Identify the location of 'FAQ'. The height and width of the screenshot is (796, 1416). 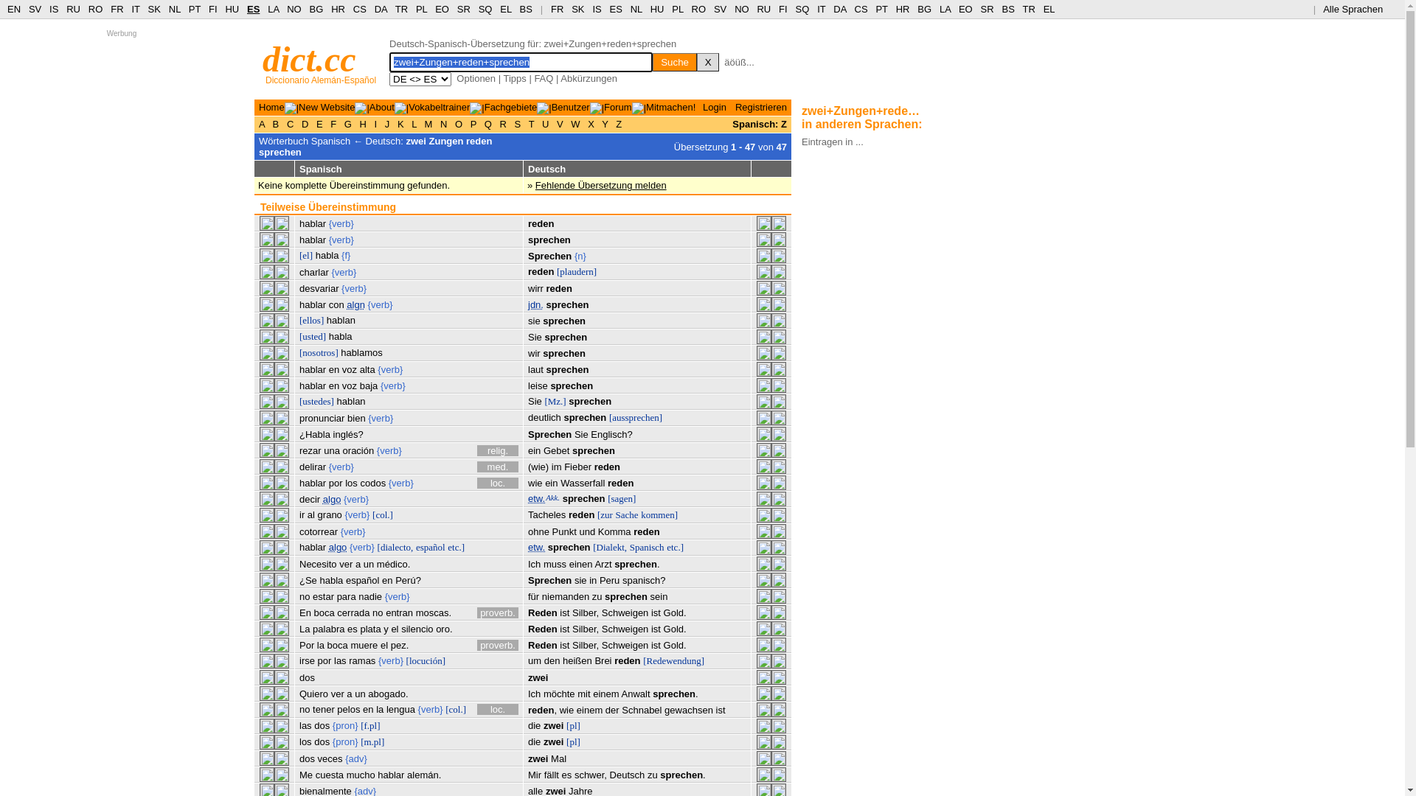
(543, 78).